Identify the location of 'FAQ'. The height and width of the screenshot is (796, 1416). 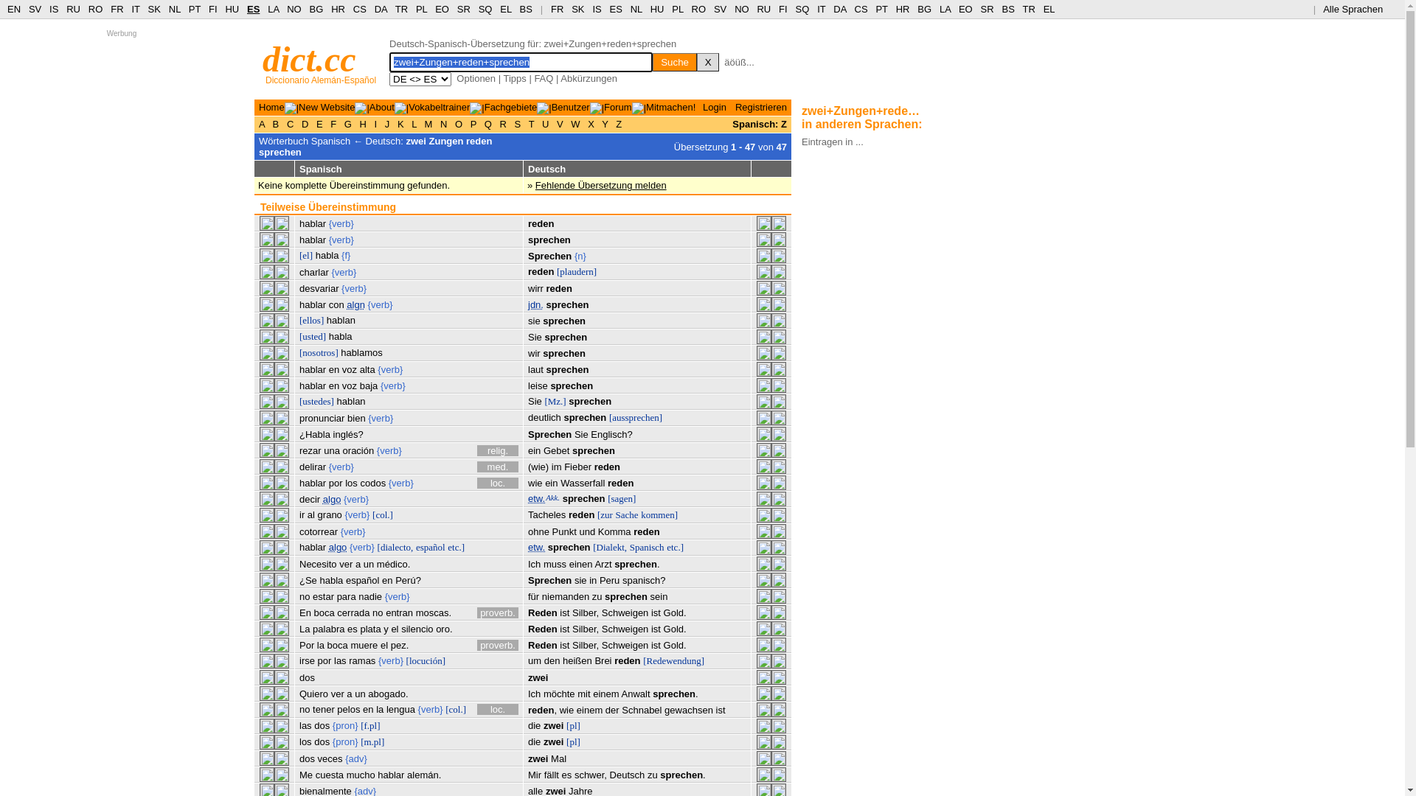
(543, 78).